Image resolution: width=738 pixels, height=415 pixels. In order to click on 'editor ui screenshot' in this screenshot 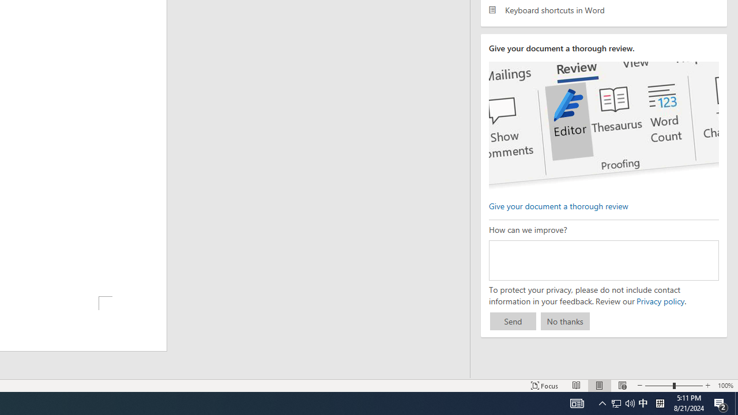, I will do `click(603, 126)`.